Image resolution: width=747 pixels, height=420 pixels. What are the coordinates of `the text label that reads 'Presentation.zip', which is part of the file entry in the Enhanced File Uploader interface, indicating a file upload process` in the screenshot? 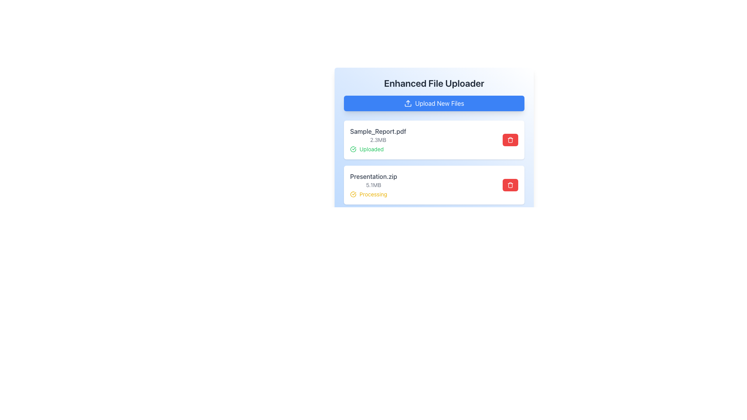 It's located at (373, 177).